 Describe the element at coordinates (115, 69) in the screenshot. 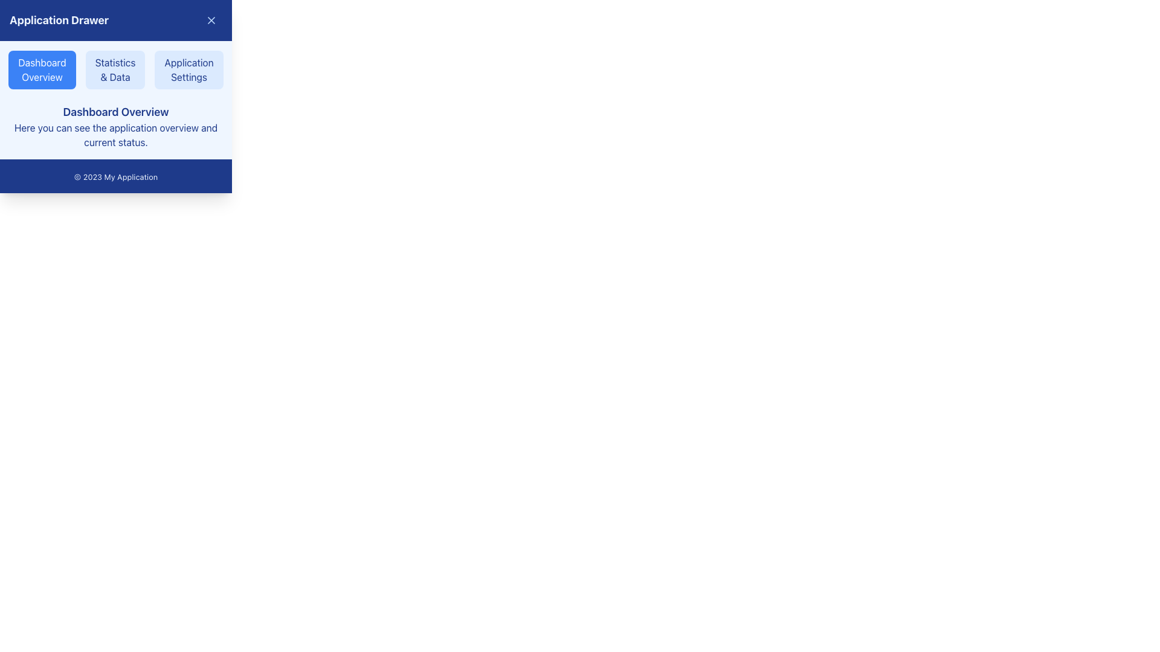

I see `the blue button labeled 'Statistics & Data' which is the second button in a horizontal group of three` at that location.